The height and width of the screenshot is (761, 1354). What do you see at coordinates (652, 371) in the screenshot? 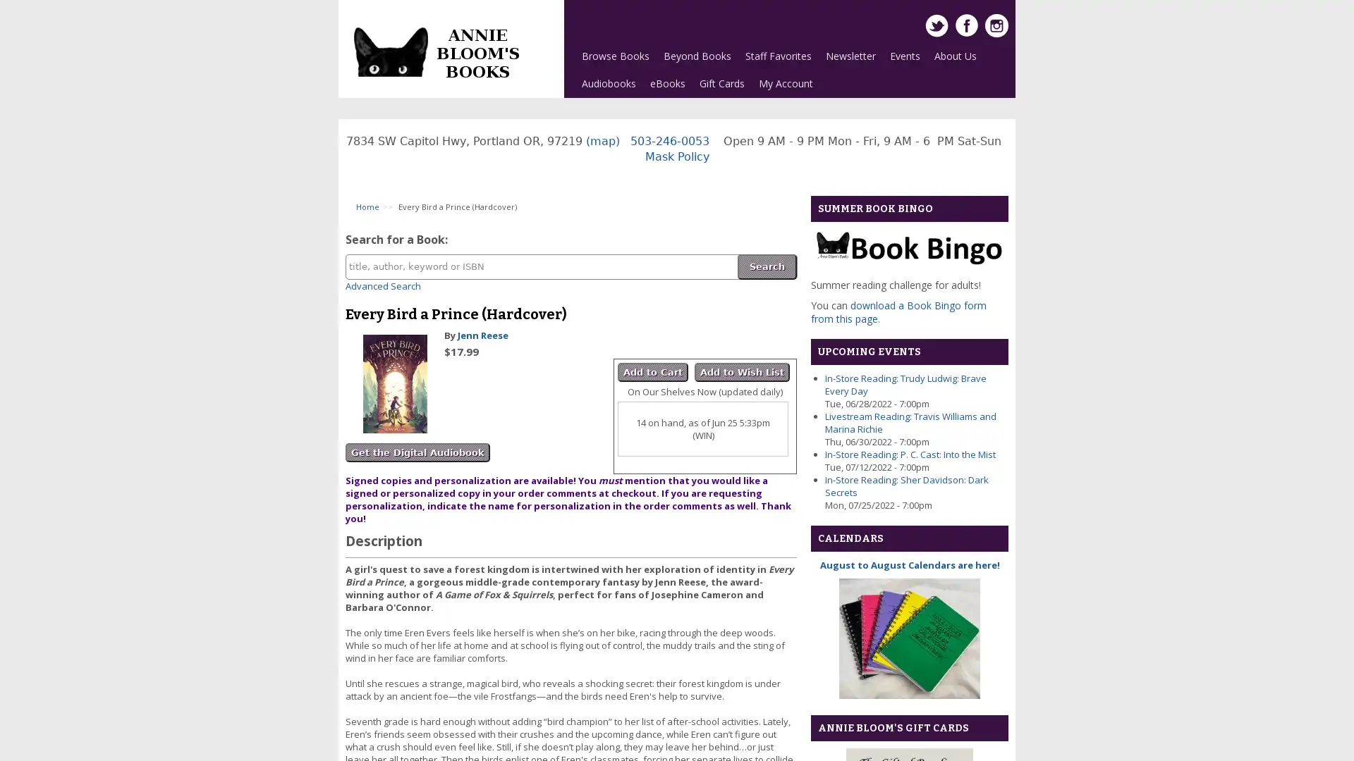
I see `Add to Cart` at bounding box center [652, 371].